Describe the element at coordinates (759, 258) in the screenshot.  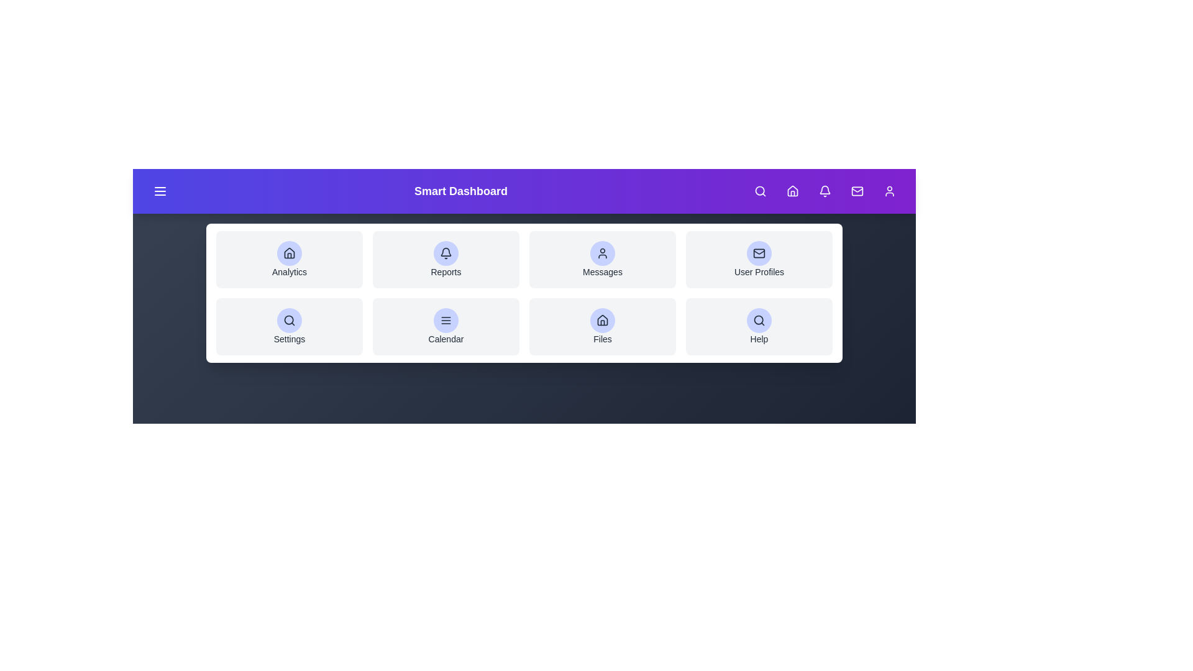
I see `the element labeled User Profiles to observe its hover effect` at that location.